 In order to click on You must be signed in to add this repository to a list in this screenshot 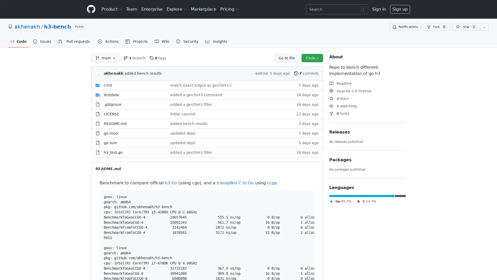, I will do `click(484, 27)`.